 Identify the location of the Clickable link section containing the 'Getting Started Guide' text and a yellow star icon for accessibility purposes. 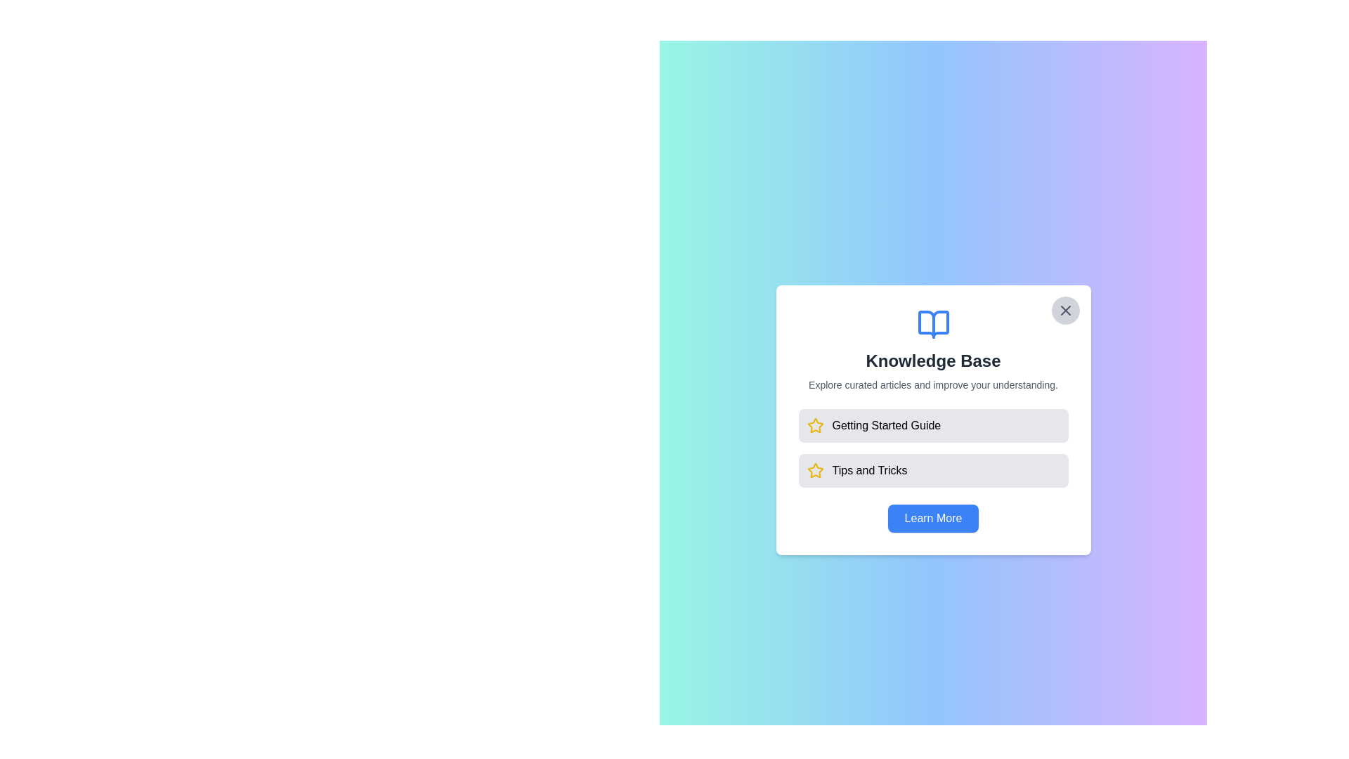
(933, 419).